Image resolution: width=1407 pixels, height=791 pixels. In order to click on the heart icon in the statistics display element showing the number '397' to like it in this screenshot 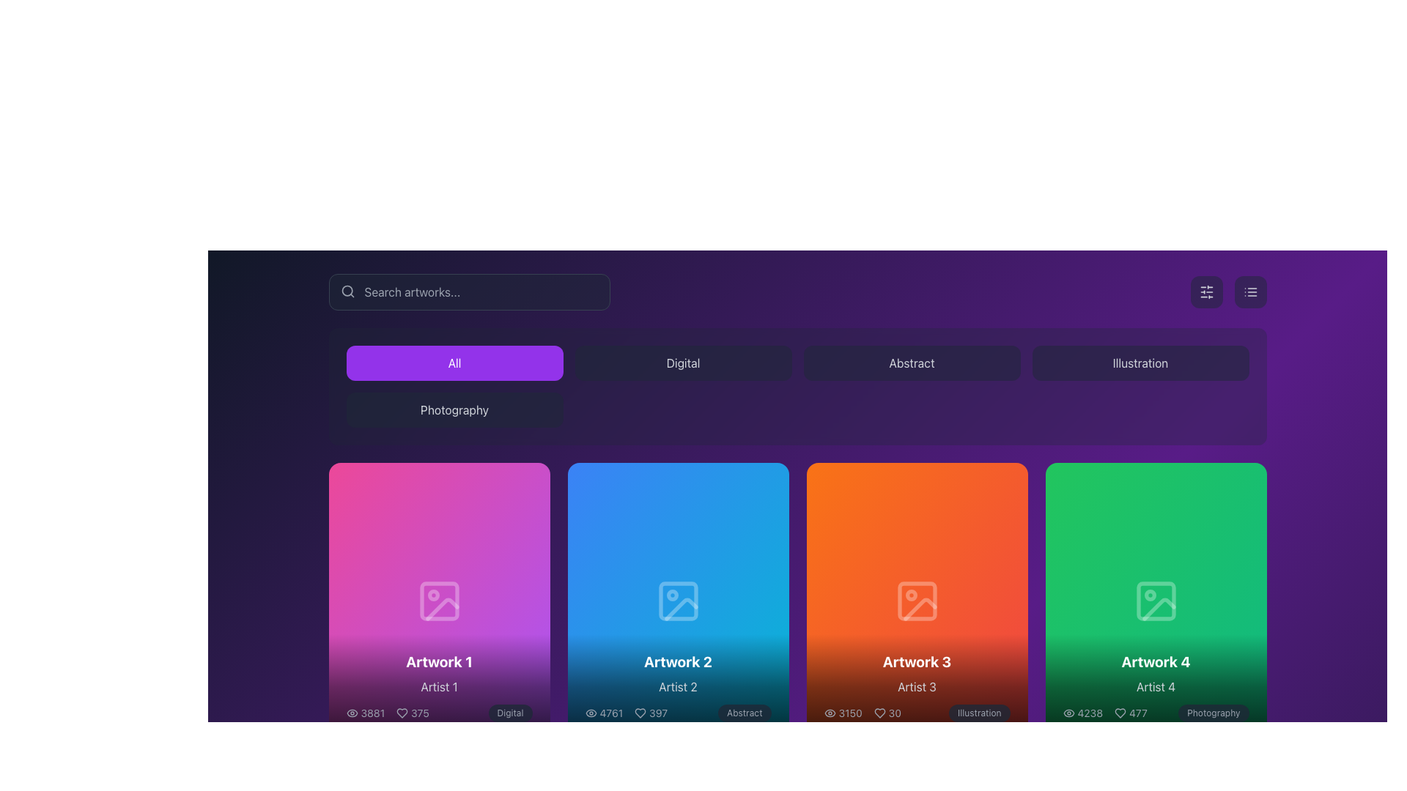, I will do `click(650, 712)`.